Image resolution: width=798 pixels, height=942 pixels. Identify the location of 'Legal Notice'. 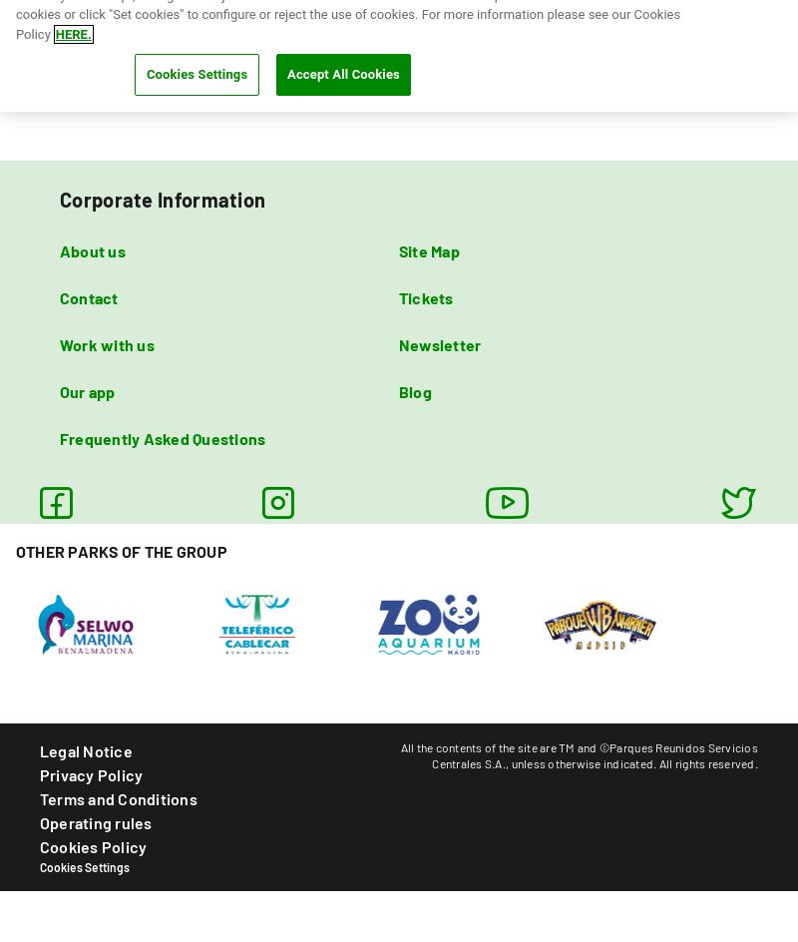
(86, 749).